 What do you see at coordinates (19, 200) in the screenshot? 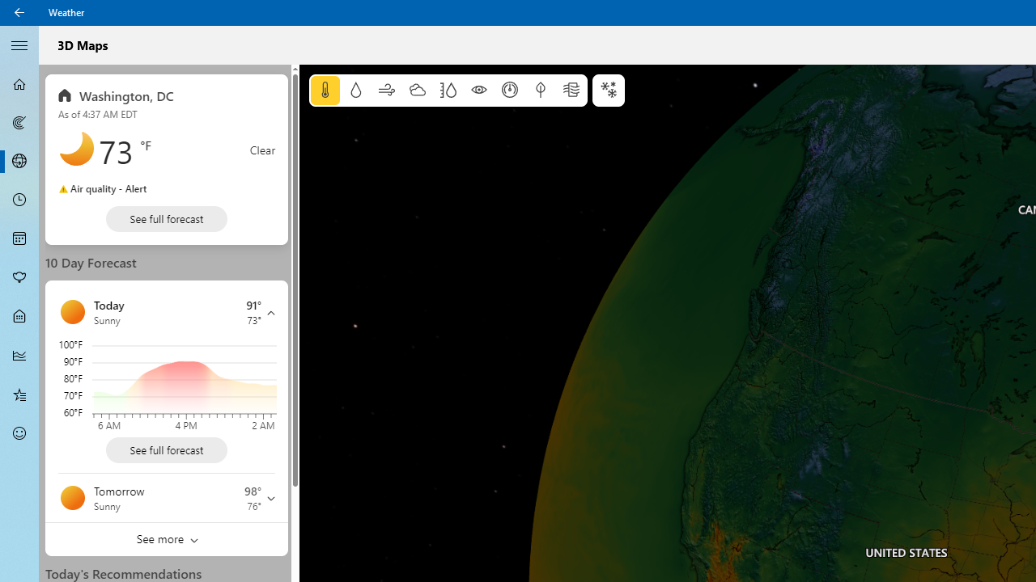
I see `'Hourly Forecast - Not Selected'` at bounding box center [19, 200].